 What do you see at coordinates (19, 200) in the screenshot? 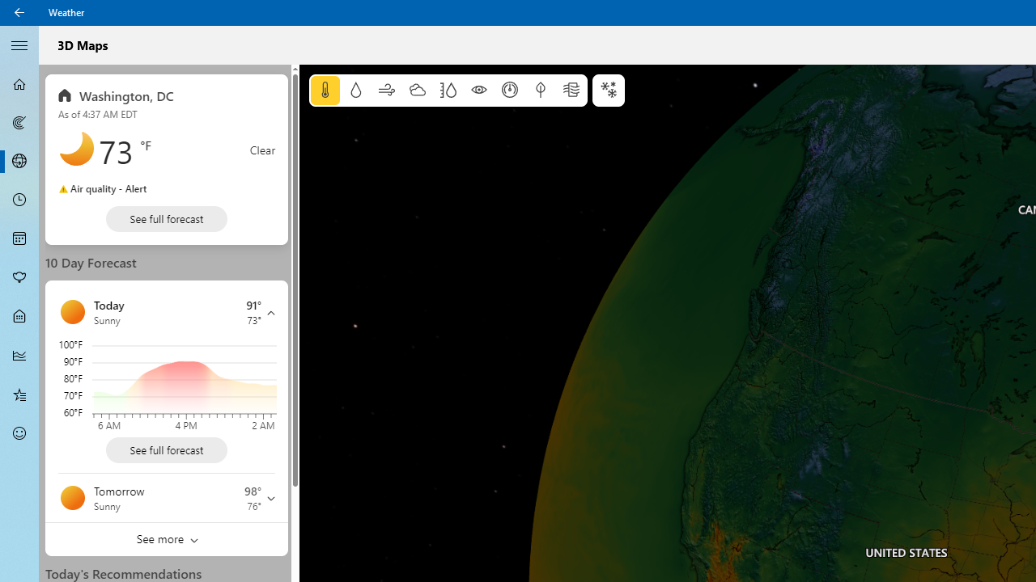
I see `'Hourly Forecast - Not Selected'` at bounding box center [19, 200].